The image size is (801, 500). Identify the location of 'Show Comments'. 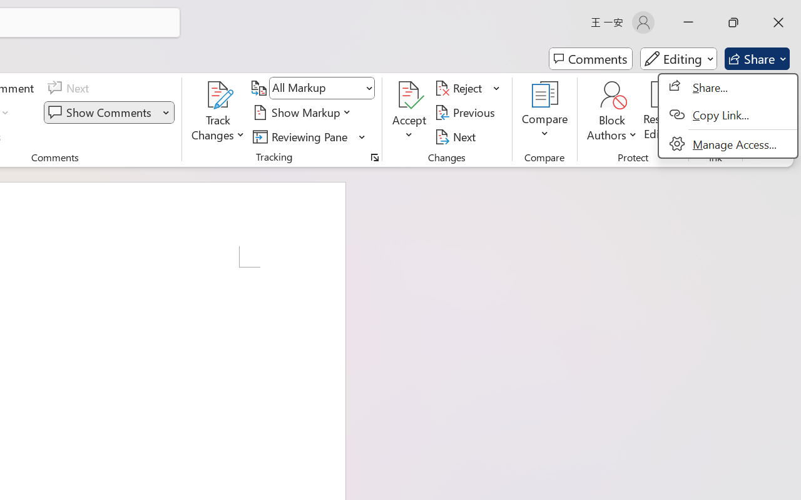
(101, 112).